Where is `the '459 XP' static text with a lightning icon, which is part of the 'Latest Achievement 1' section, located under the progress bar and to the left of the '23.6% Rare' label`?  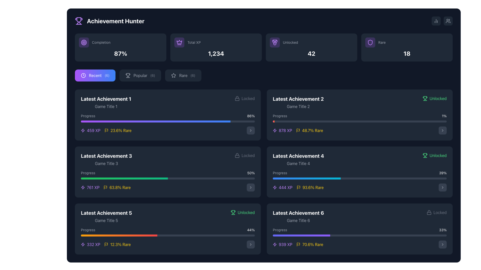
the '459 XP' static text with a lightning icon, which is part of the 'Latest Achievement 1' section, located under the progress bar and to the left of the '23.6% Rare' label is located at coordinates (91, 130).